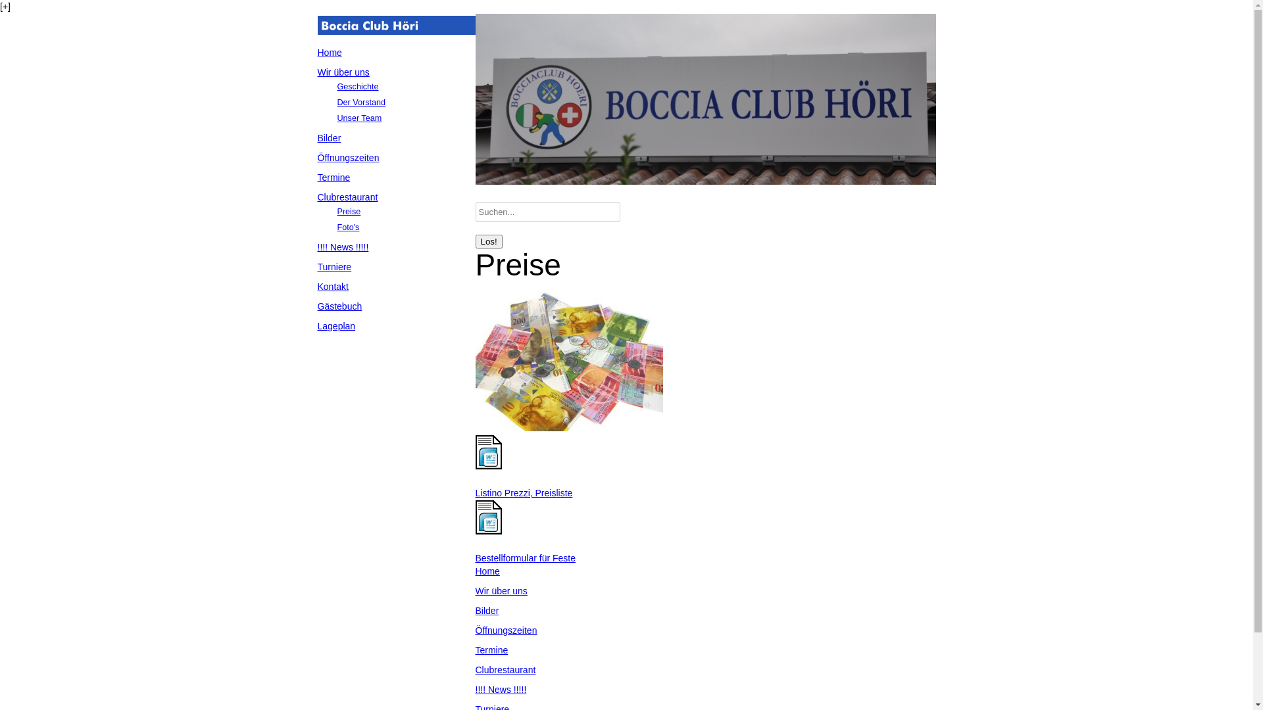 This screenshot has width=1263, height=710. I want to click on 'Der Vorstand', so click(337, 101).